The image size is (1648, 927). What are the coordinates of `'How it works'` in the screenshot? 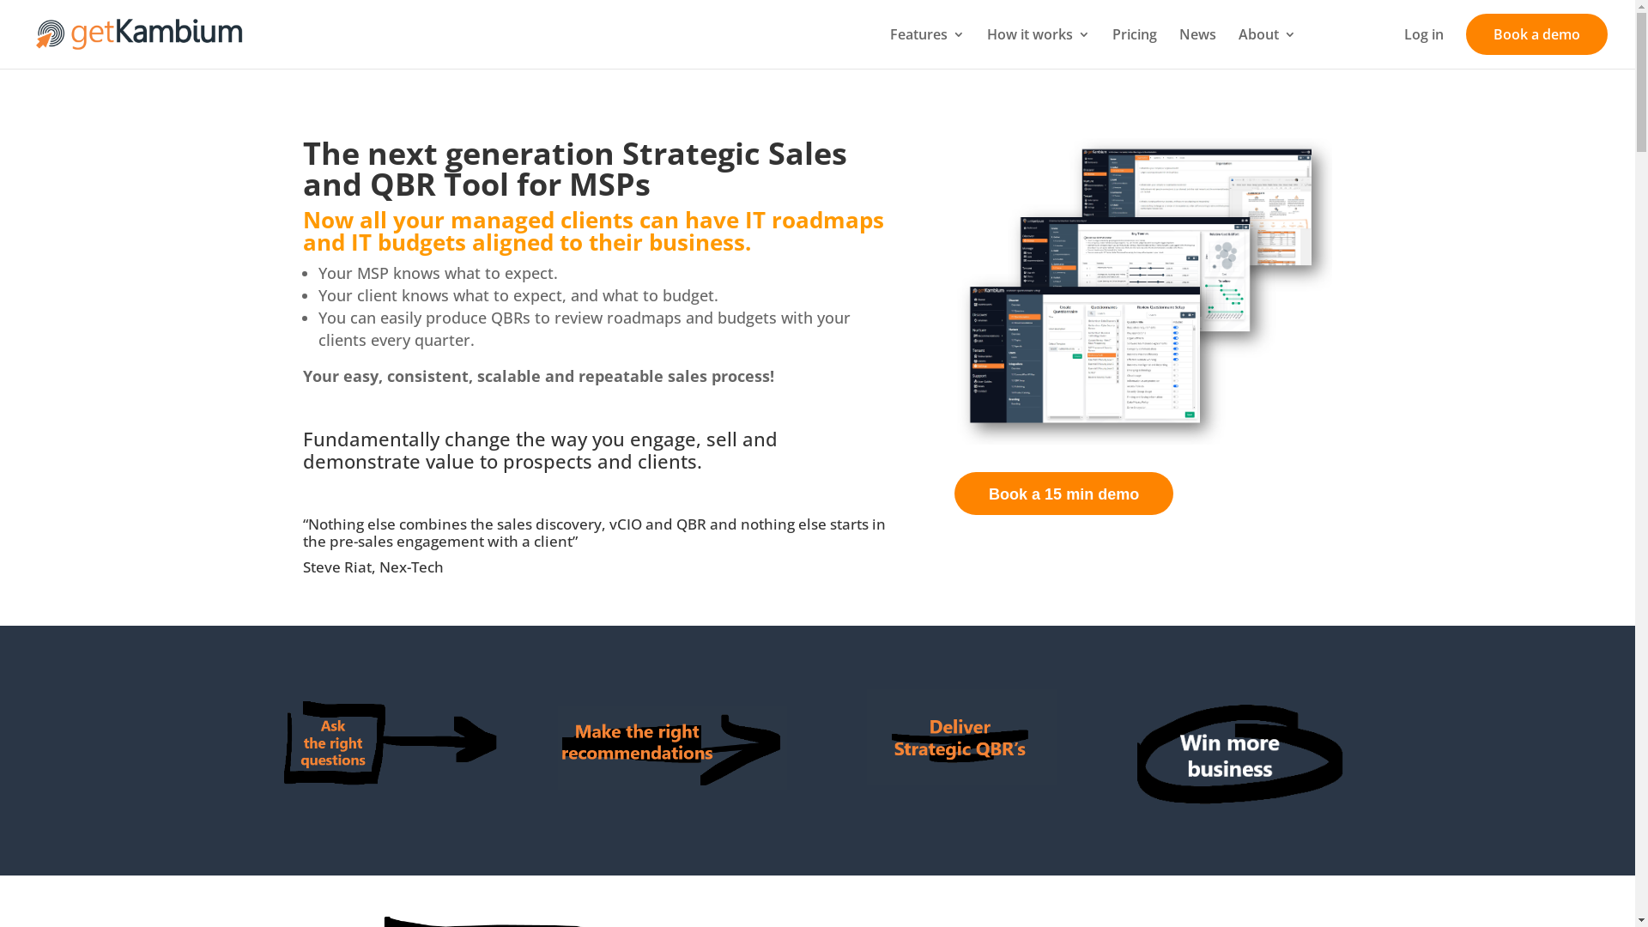 It's located at (1037, 47).